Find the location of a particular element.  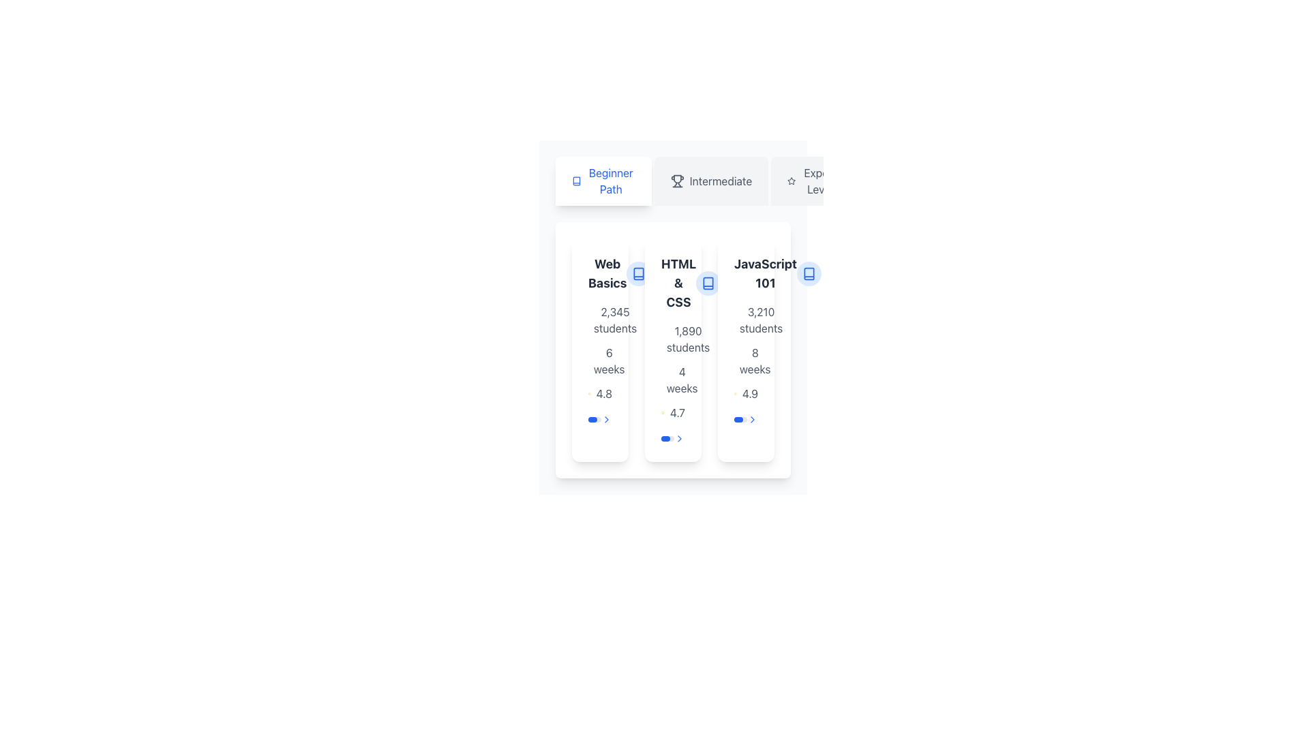

text from the Text label indicating the duration of the related course, which is positioned below '1,890 students' and above the rating indicator '4.7' is located at coordinates (673, 380).